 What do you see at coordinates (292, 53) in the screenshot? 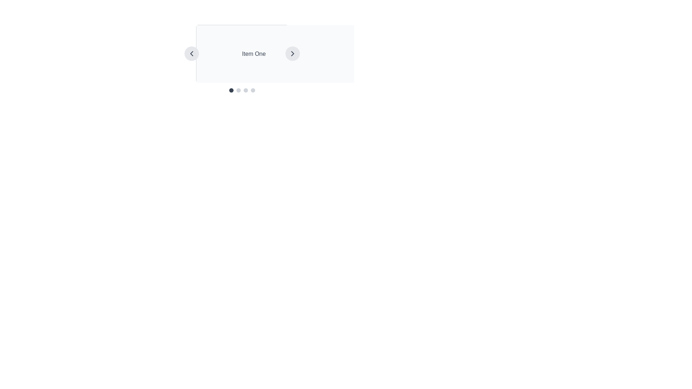
I see `the right-pointing chevron arrow icon, which is a navigational control for cycling through content items` at bounding box center [292, 53].